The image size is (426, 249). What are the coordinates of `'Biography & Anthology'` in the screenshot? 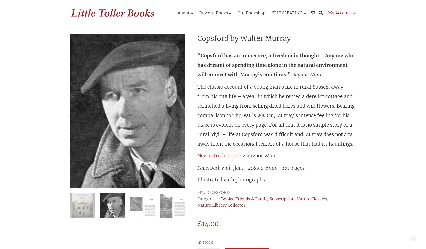 It's located at (215, 77).